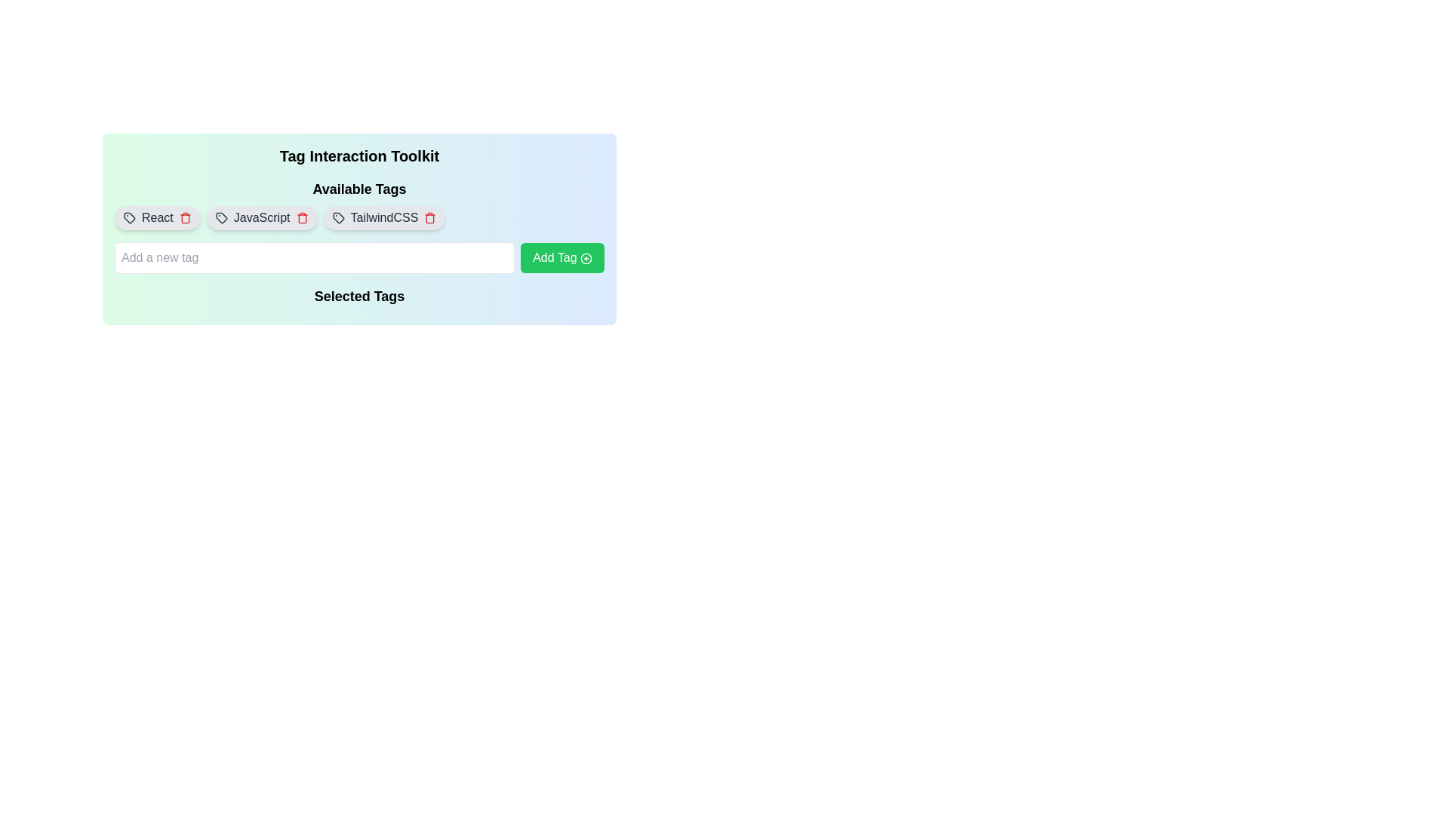  Describe the element at coordinates (184, 218) in the screenshot. I see `the delete icon located on the right side of the 'React' tag in the 'Available Tags' section` at that location.